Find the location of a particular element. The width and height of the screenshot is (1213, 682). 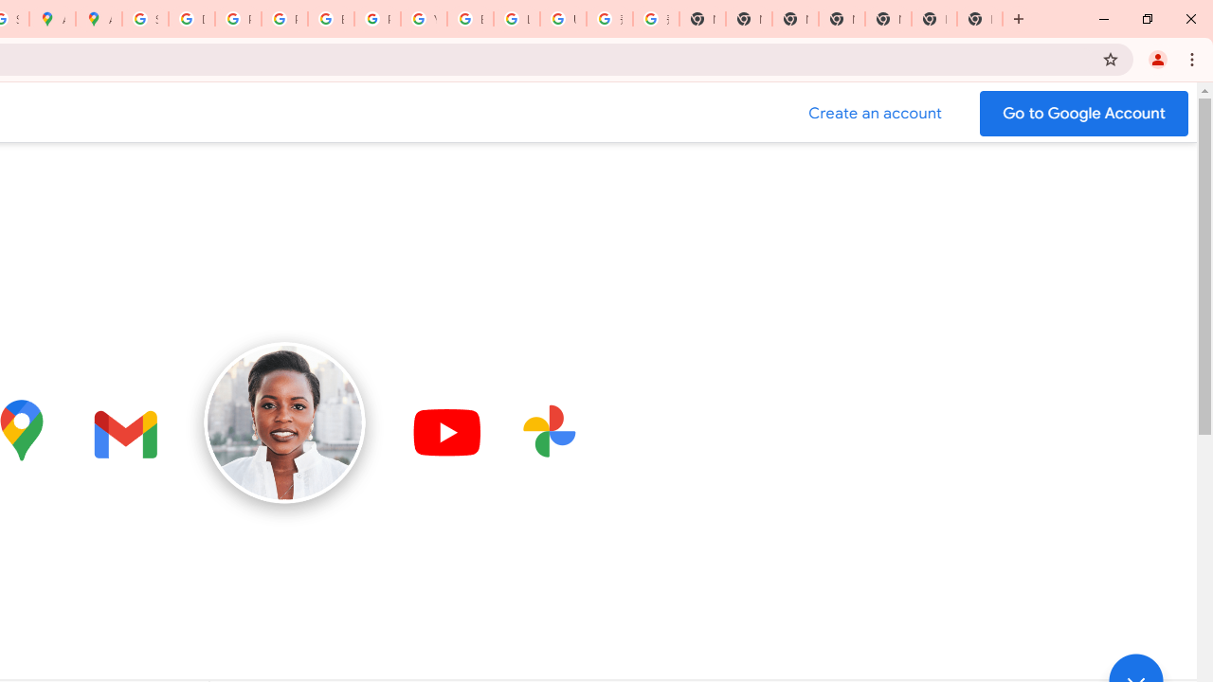

'New Tab' is located at coordinates (980, 19).